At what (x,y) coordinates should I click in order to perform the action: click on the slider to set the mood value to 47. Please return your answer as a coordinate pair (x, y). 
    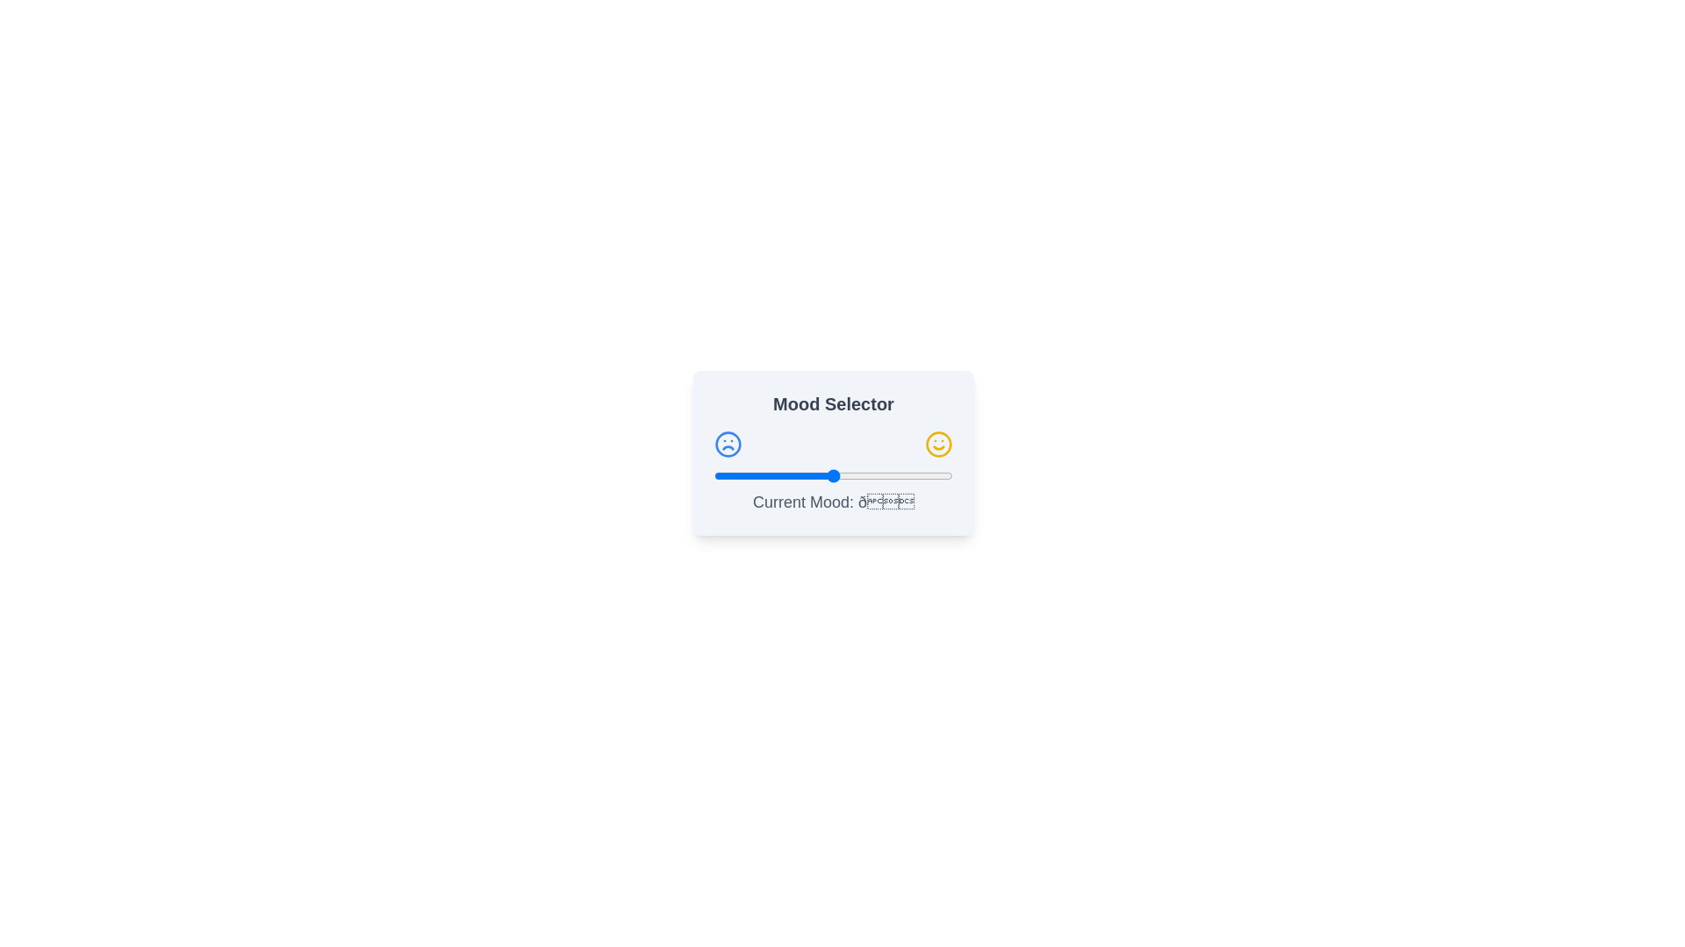
    Looking at the image, I should click on (825, 476).